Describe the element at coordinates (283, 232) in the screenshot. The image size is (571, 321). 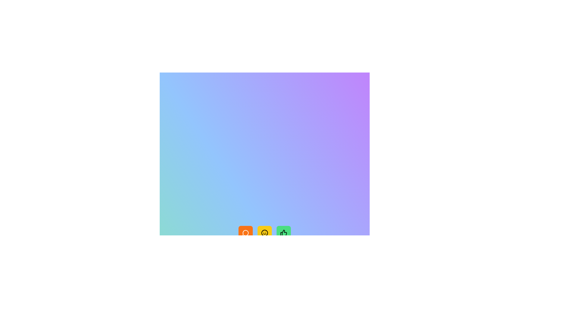
I see `the SVG icon representing approval or agreement, located inside the green 'Like' box at the bottom-center of the layout` at that location.